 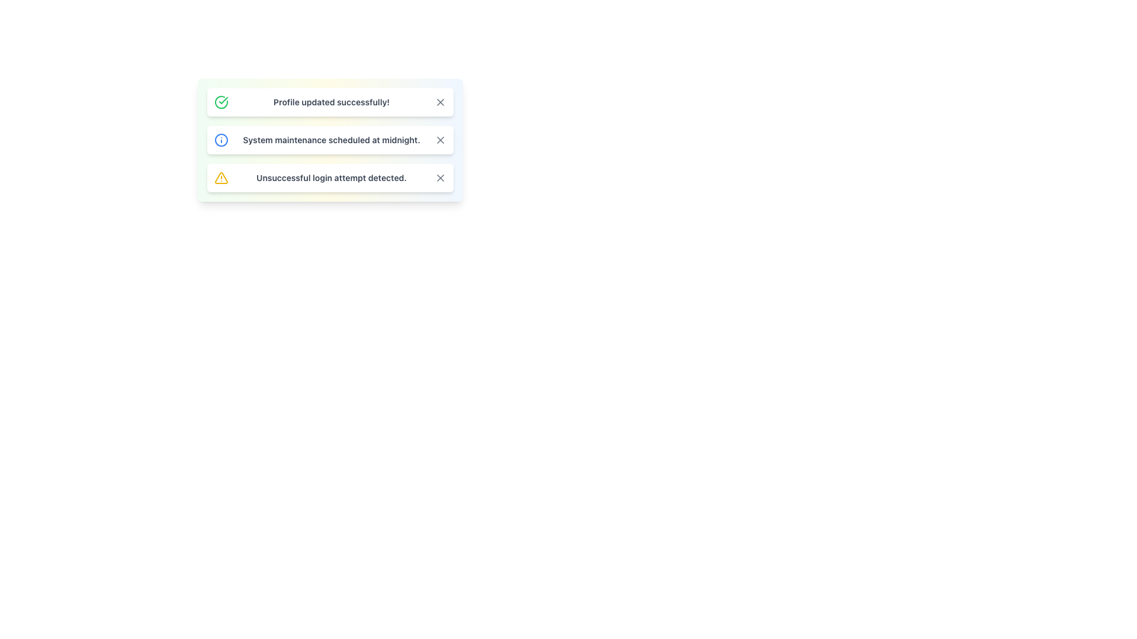 What do you see at coordinates (332, 102) in the screenshot?
I see `the text display that shows 'Profile updated successfully!' within the notification card, positioned to the right of the success message icon` at bounding box center [332, 102].